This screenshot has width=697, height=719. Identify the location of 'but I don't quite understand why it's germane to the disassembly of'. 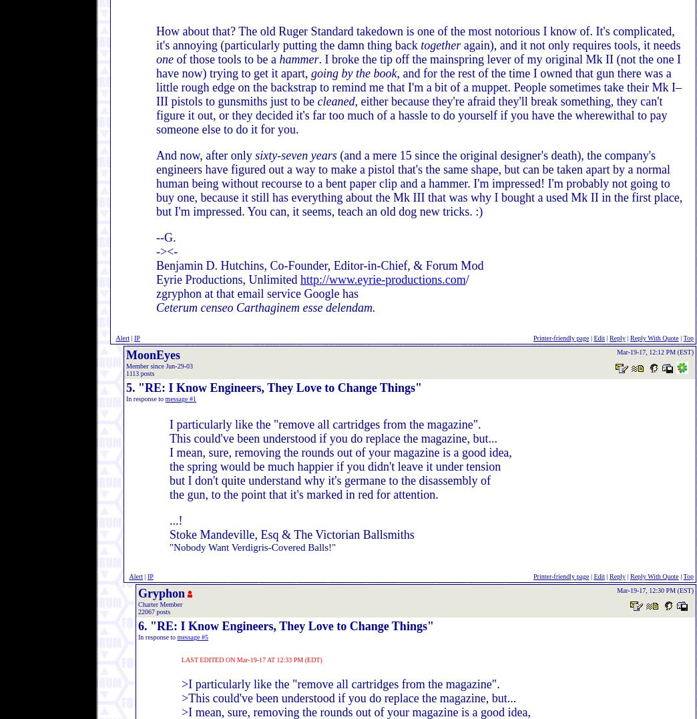
(330, 480).